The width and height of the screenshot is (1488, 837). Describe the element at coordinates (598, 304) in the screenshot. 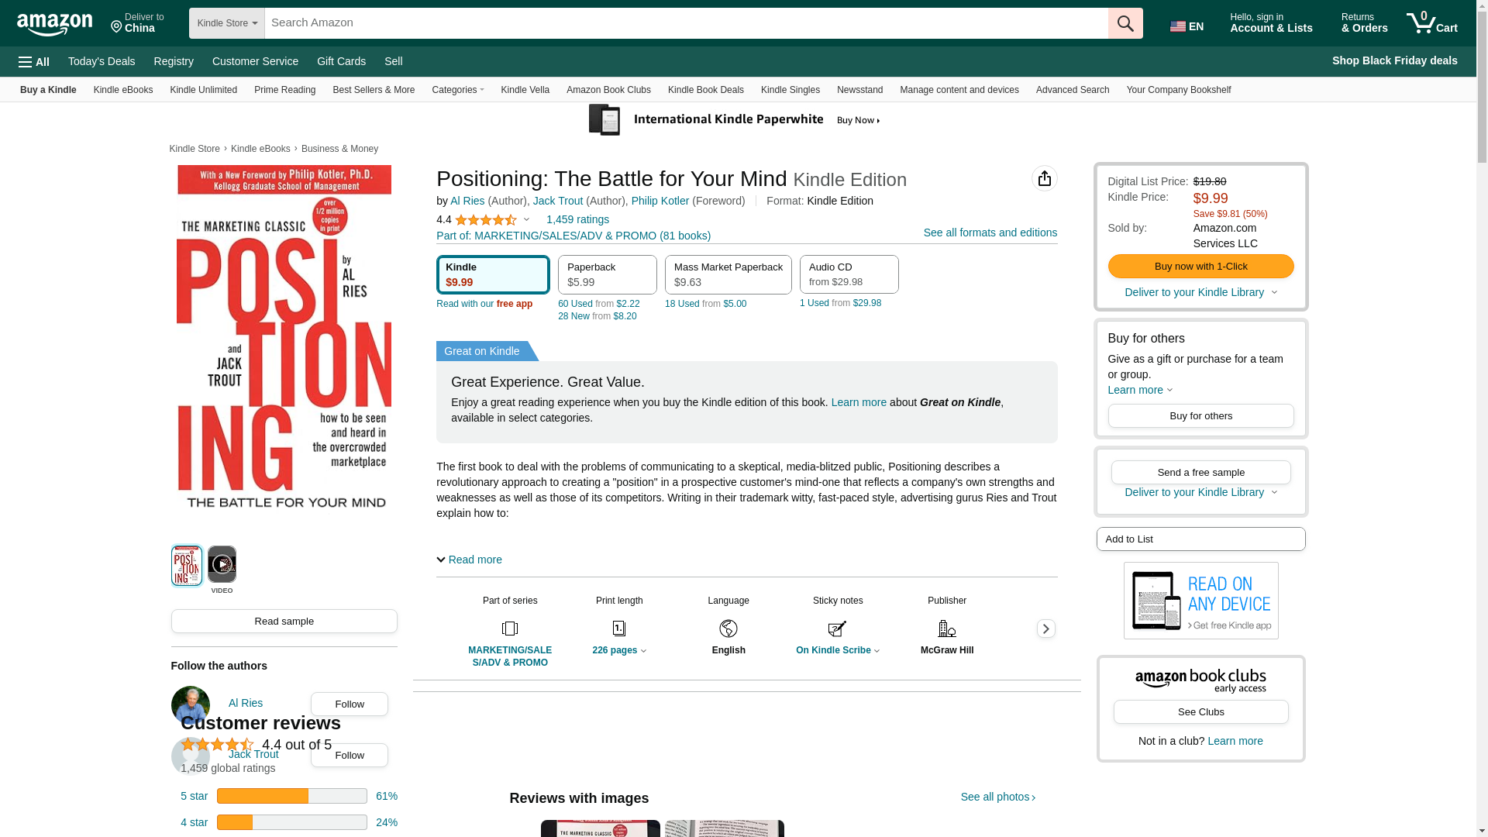

I see `'60 Used from $2.22'` at that location.